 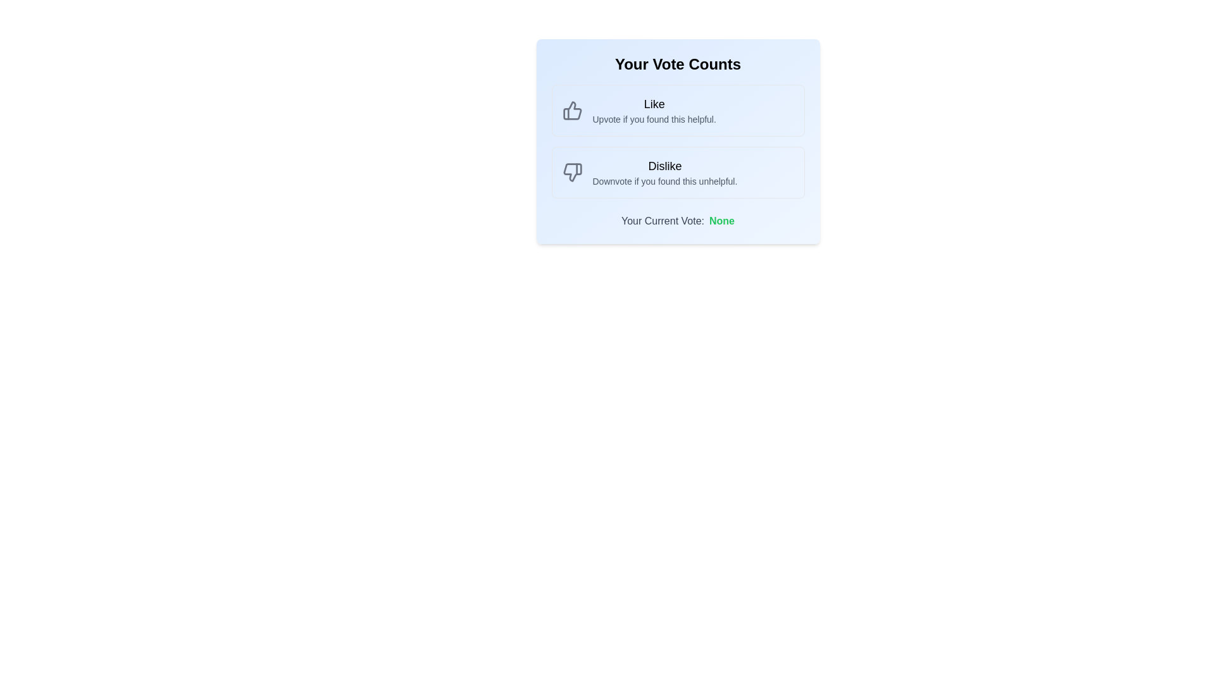 What do you see at coordinates (677, 109) in the screenshot?
I see `the thumbs-up icon on the Interactive feedback component labeled 'Like' to upvote` at bounding box center [677, 109].